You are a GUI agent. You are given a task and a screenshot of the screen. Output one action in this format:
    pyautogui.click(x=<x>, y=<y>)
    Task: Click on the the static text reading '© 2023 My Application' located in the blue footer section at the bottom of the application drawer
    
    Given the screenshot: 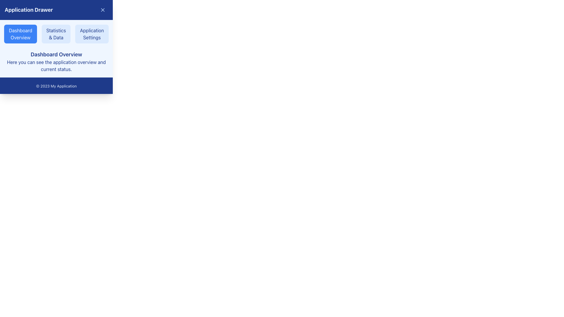 What is the action you would take?
    pyautogui.click(x=56, y=86)
    